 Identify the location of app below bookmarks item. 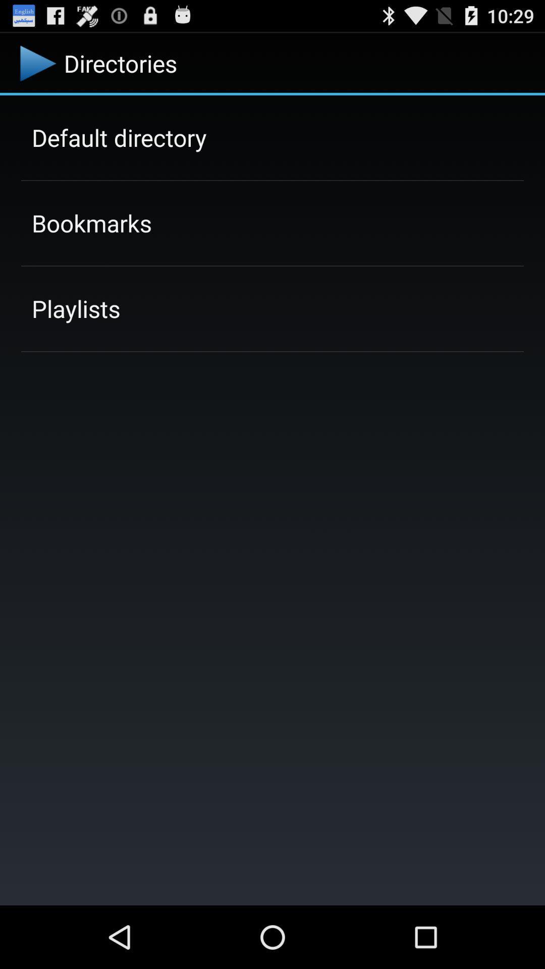
(75, 308).